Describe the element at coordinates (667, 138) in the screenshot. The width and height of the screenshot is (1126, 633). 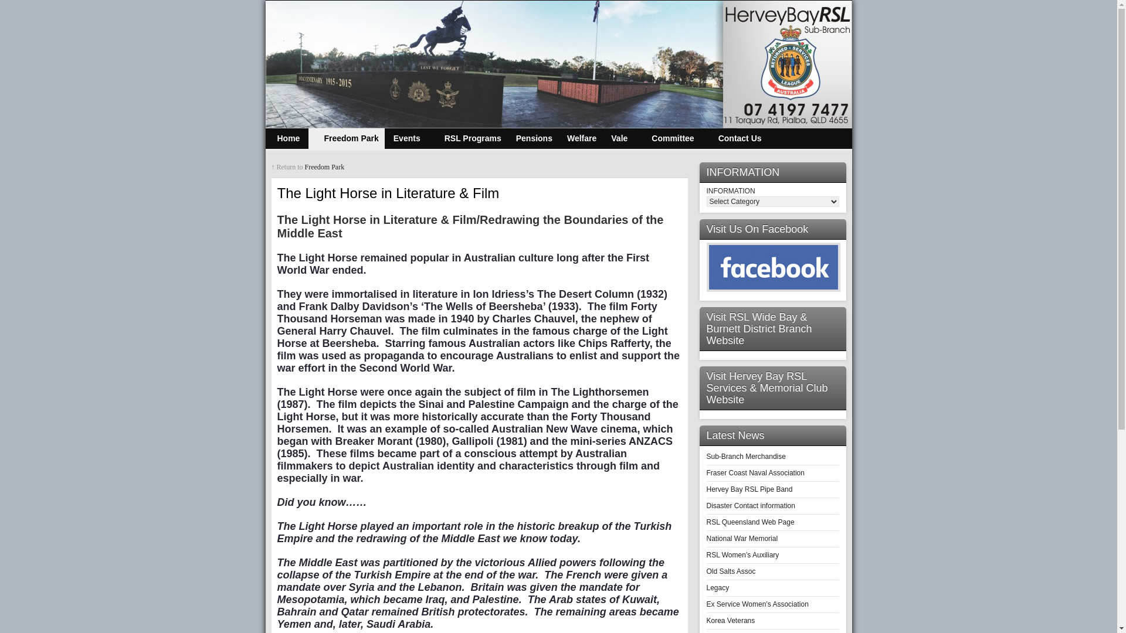
I see `'Committee'` at that location.